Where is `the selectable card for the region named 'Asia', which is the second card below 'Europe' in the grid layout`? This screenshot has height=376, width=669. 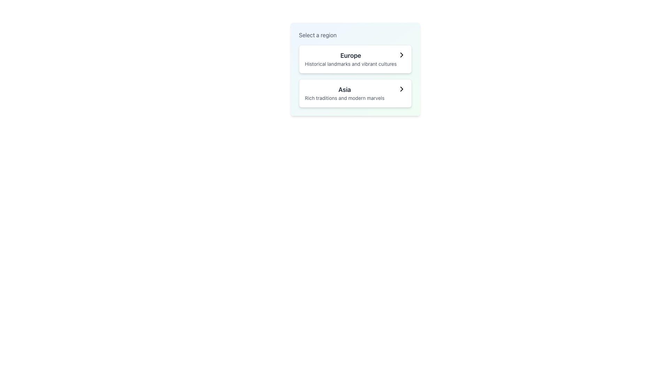
the selectable card for the region named 'Asia', which is the second card below 'Europe' in the grid layout is located at coordinates (355, 93).